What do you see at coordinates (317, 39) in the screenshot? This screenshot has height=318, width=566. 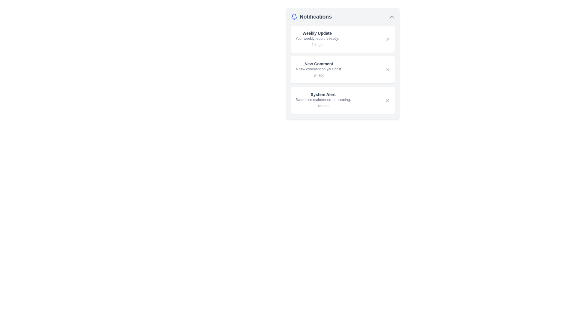 I see `the notification entry at the top of the notification panel` at bounding box center [317, 39].